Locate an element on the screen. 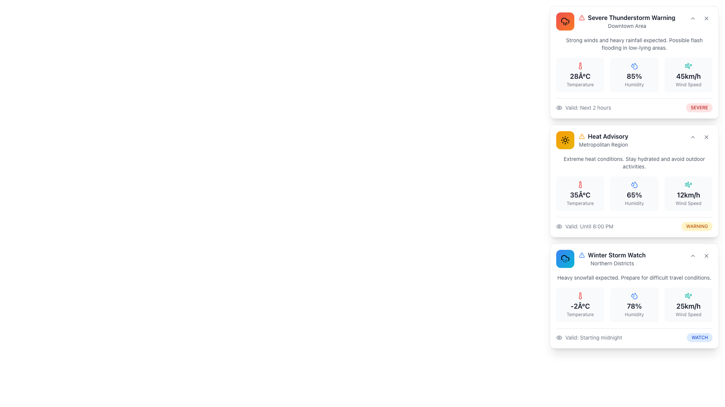  the humidity icon, which is the first visual component inside the card displaying '65% Humidity', positioned in the middle of a stack of weather advisory cards is located at coordinates (634, 184).